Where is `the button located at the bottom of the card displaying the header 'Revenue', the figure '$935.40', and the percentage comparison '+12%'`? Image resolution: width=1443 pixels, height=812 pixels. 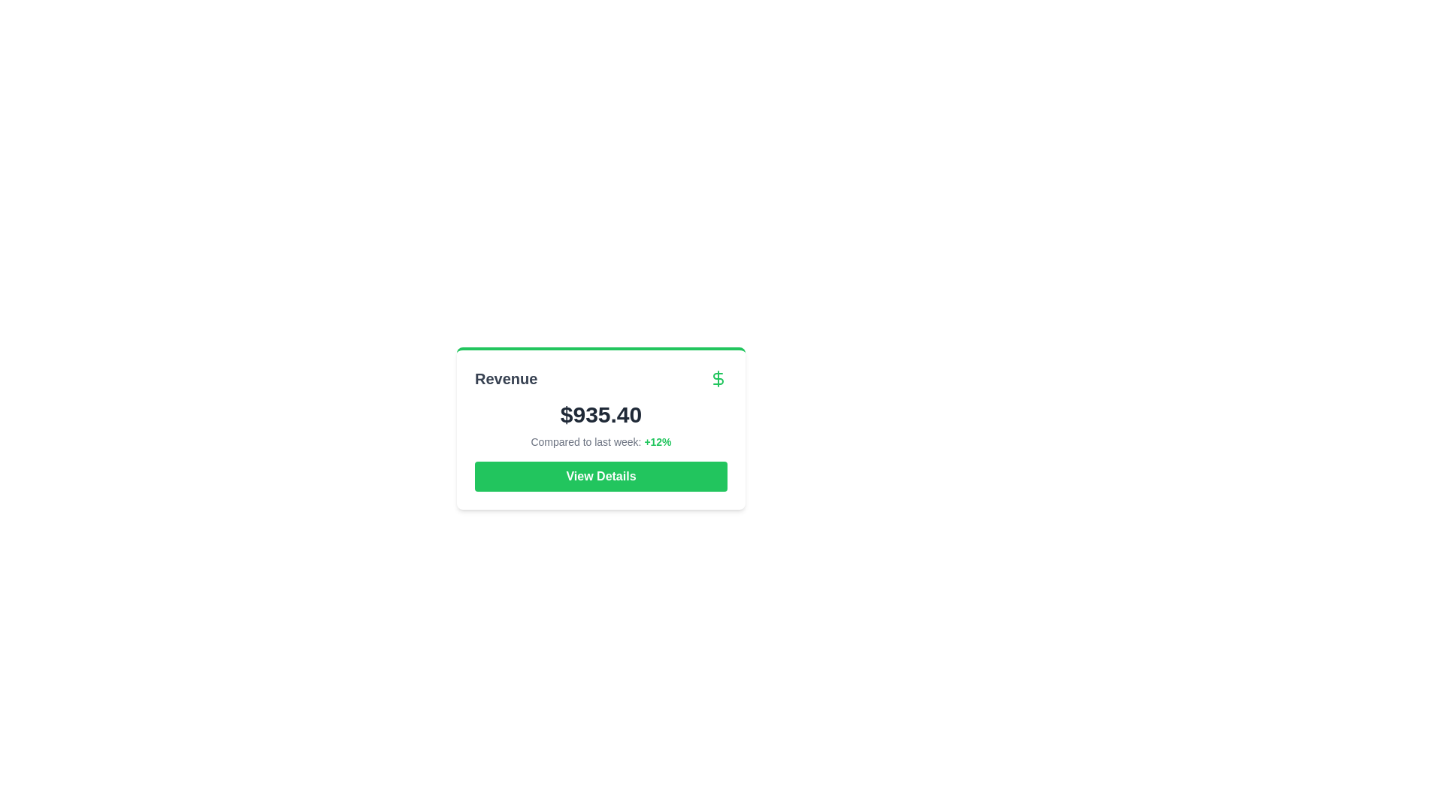 the button located at the bottom of the card displaying the header 'Revenue', the figure '$935.40', and the percentage comparison '+12%' is located at coordinates (601, 476).